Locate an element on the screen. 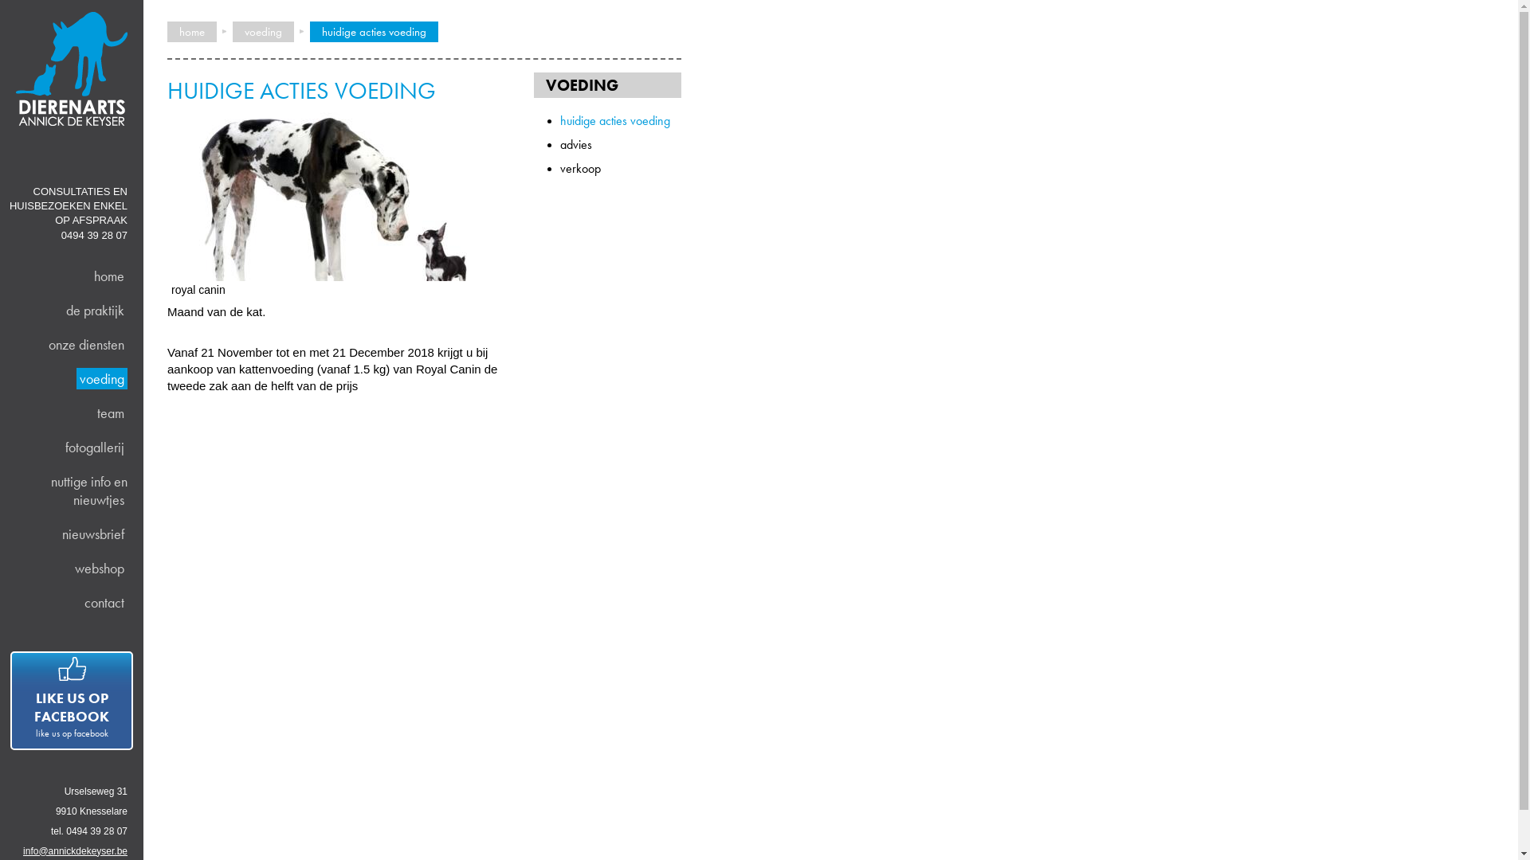  'de praktijk' is located at coordinates (94, 310).